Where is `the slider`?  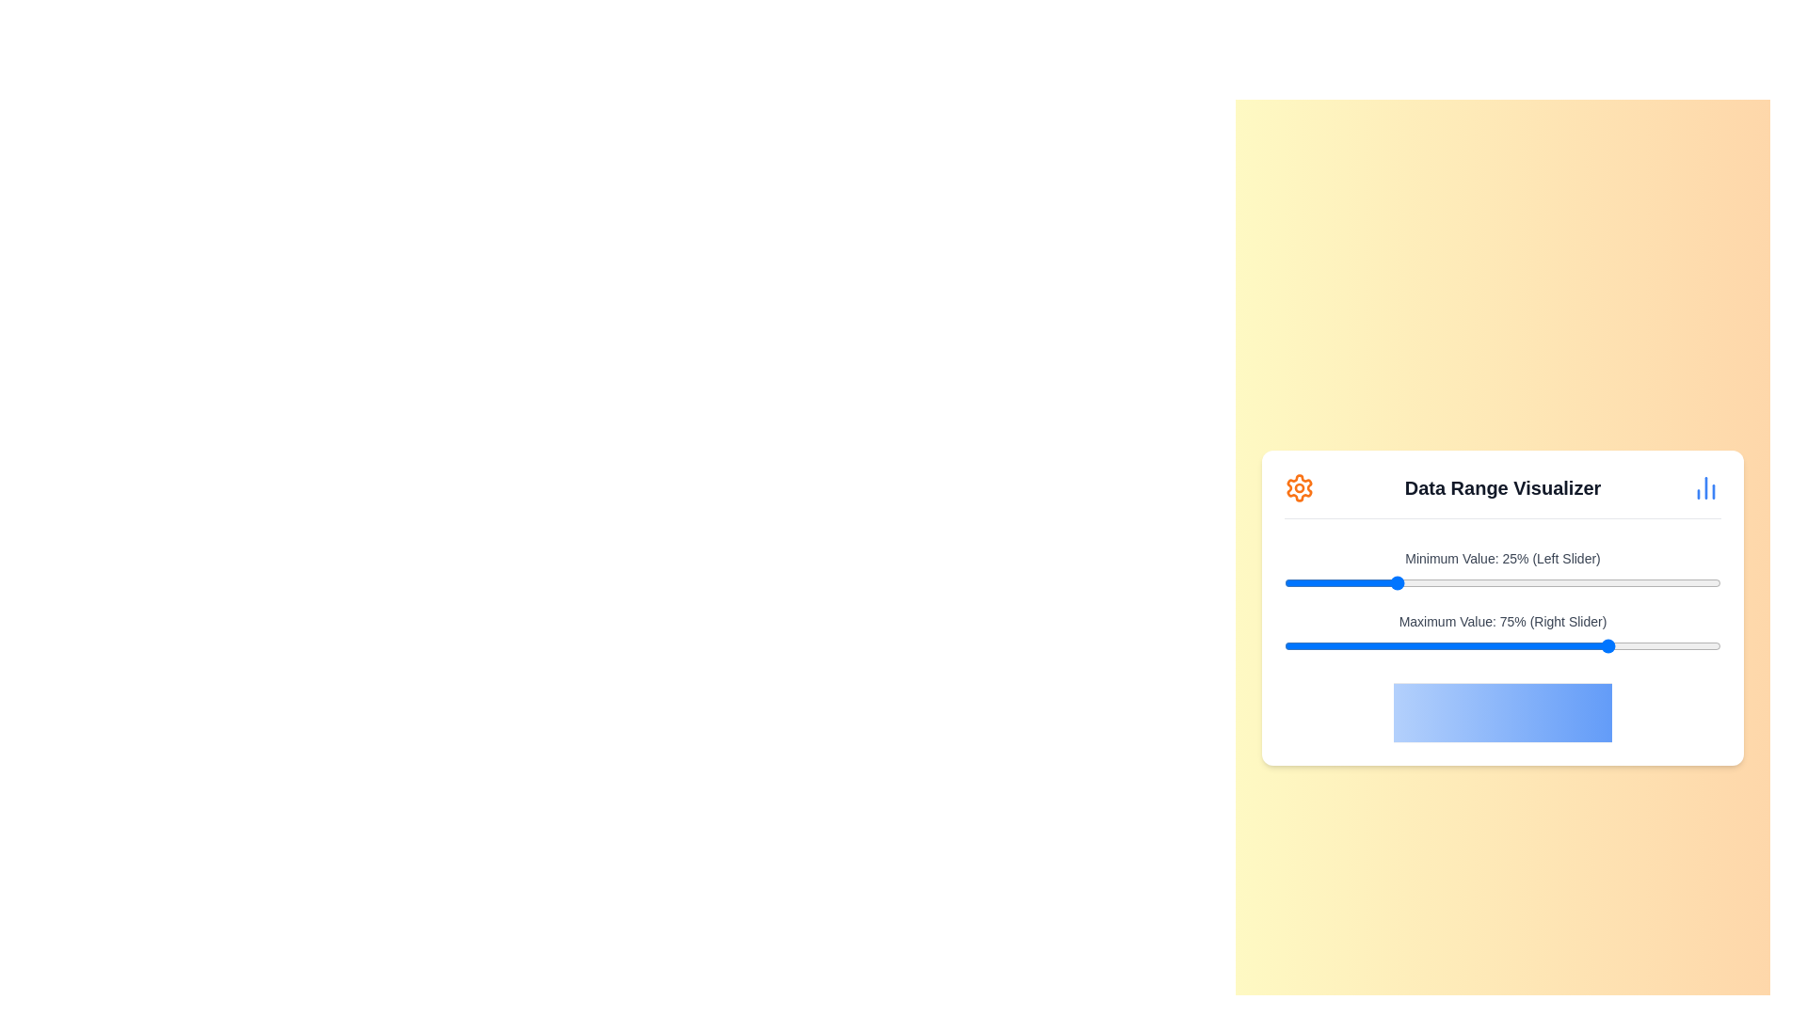
the slider is located at coordinates (1655, 644).